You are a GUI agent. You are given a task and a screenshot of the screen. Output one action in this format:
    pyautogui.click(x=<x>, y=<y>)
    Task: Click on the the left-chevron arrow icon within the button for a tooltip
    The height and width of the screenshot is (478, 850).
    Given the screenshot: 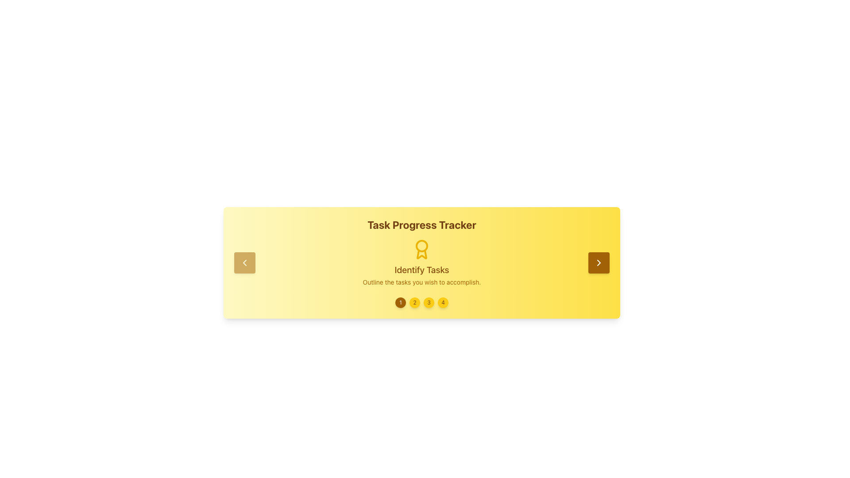 What is the action you would take?
    pyautogui.click(x=244, y=262)
    